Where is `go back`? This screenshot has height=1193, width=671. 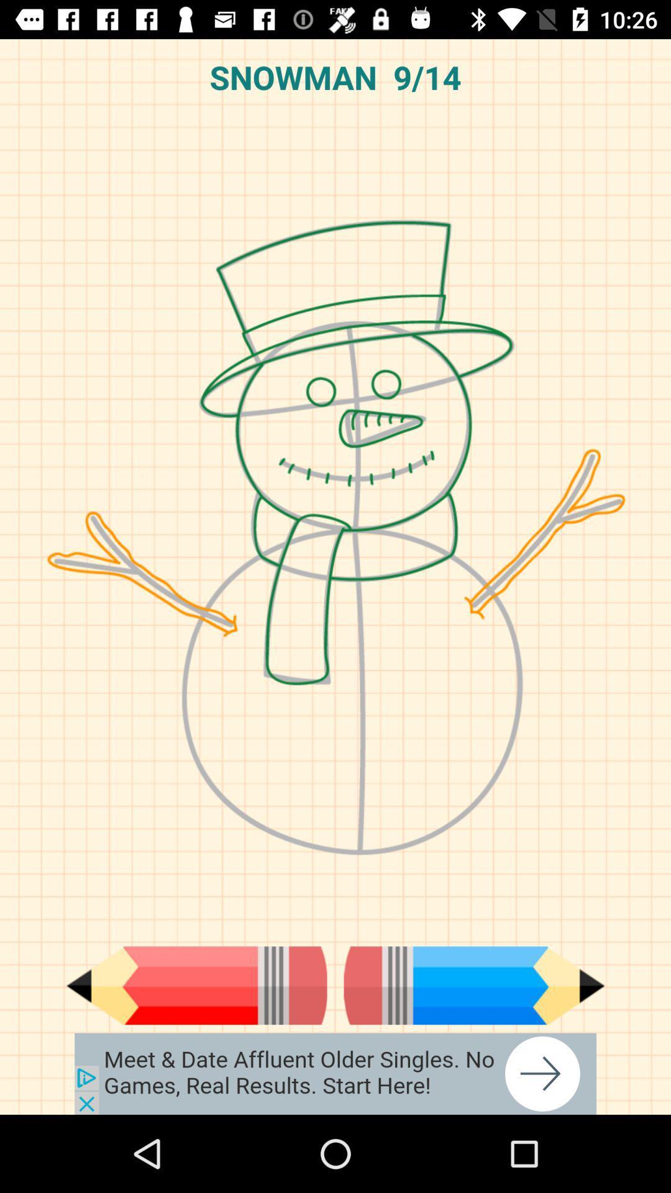
go back is located at coordinates (196, 985).